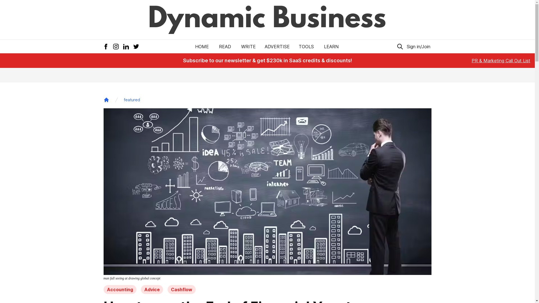 The image size is (539, 303). What do you see at coordinates (306, 46) in the screenshot?
I see `'TOOLS'` at bounding box center [306, 46].